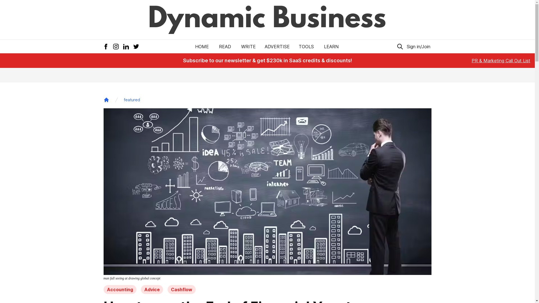 The image size is (539, 303). What do you see at coordinates (306, 46) in the screenshot?
I see `'TOOLS'` at bounding box center [306, 46].